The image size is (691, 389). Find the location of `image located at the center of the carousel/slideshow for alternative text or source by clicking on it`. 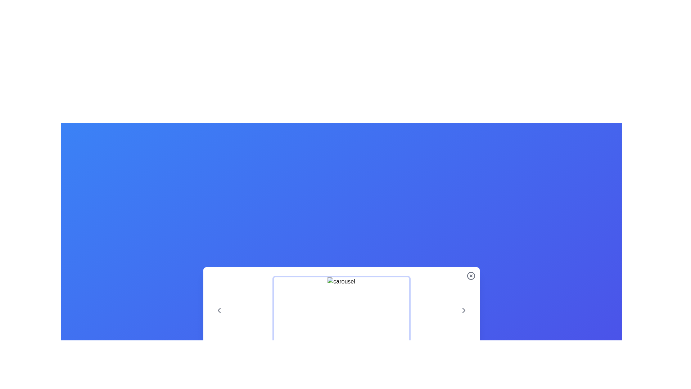

image located at the center of the carousel/slideshow for alternative text or source by clicking on it is located at coordinates (341, 310).